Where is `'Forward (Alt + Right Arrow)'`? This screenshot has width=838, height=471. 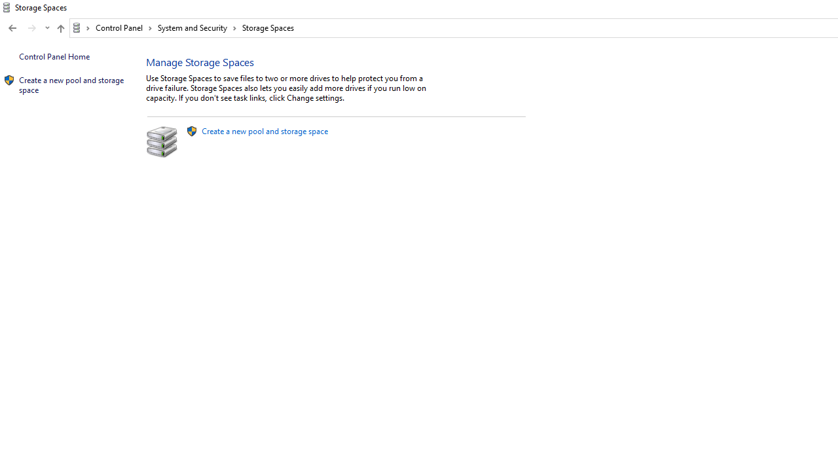
'Forward (Alt + Right Arrow)' is located at coordinates (32, 28).